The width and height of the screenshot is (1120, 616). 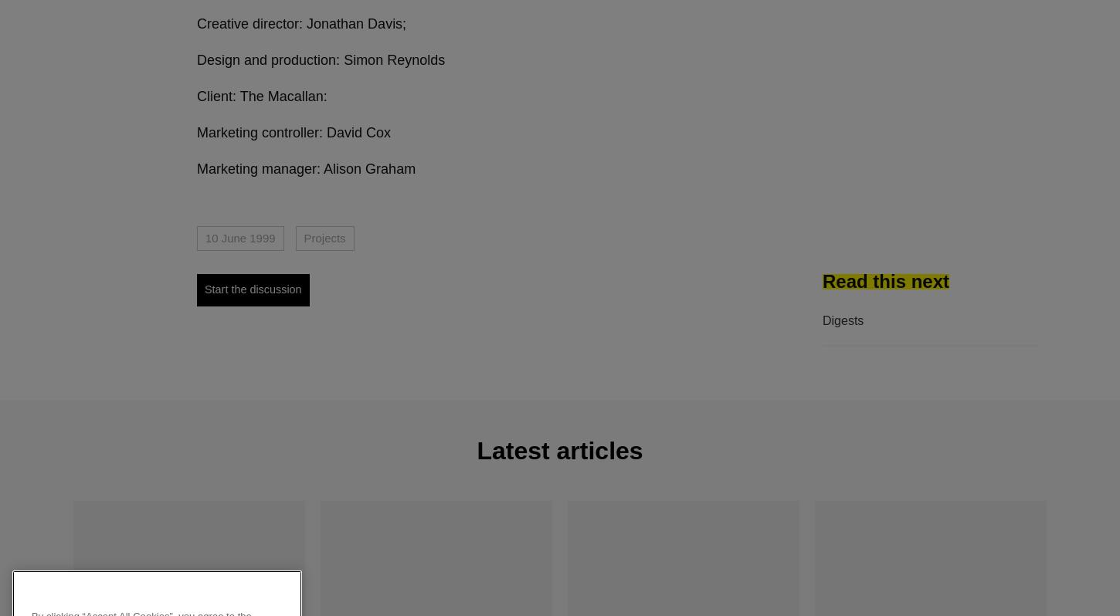 I want to click on 'Client: The Macallan:', so click(x=262, y=95).